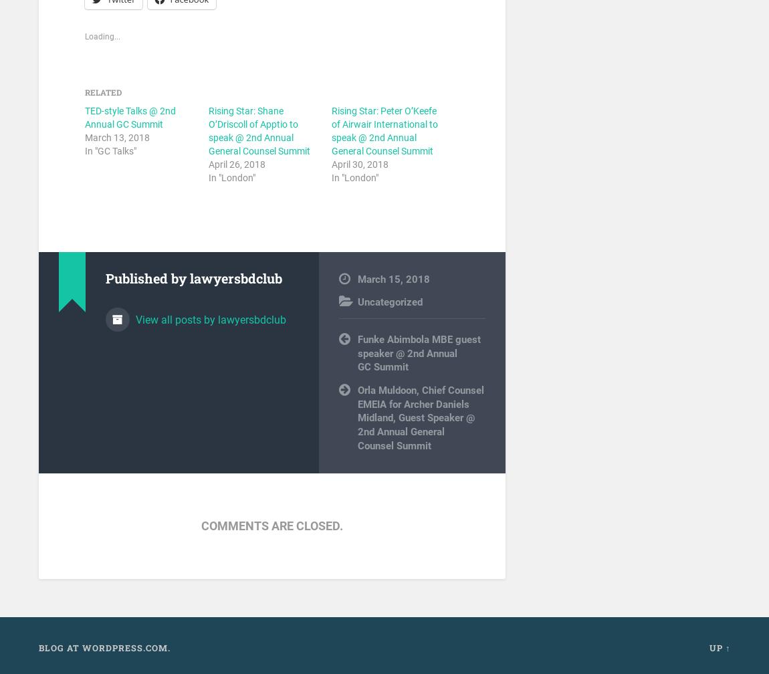 The image size is (769, 674). I want to click on 'Blog at WordPress.com.', so click(103, 647).